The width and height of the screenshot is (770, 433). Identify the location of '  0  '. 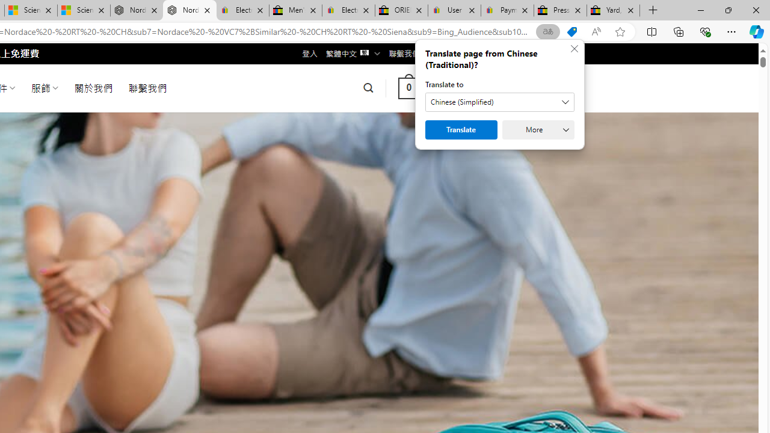
(408, 87).